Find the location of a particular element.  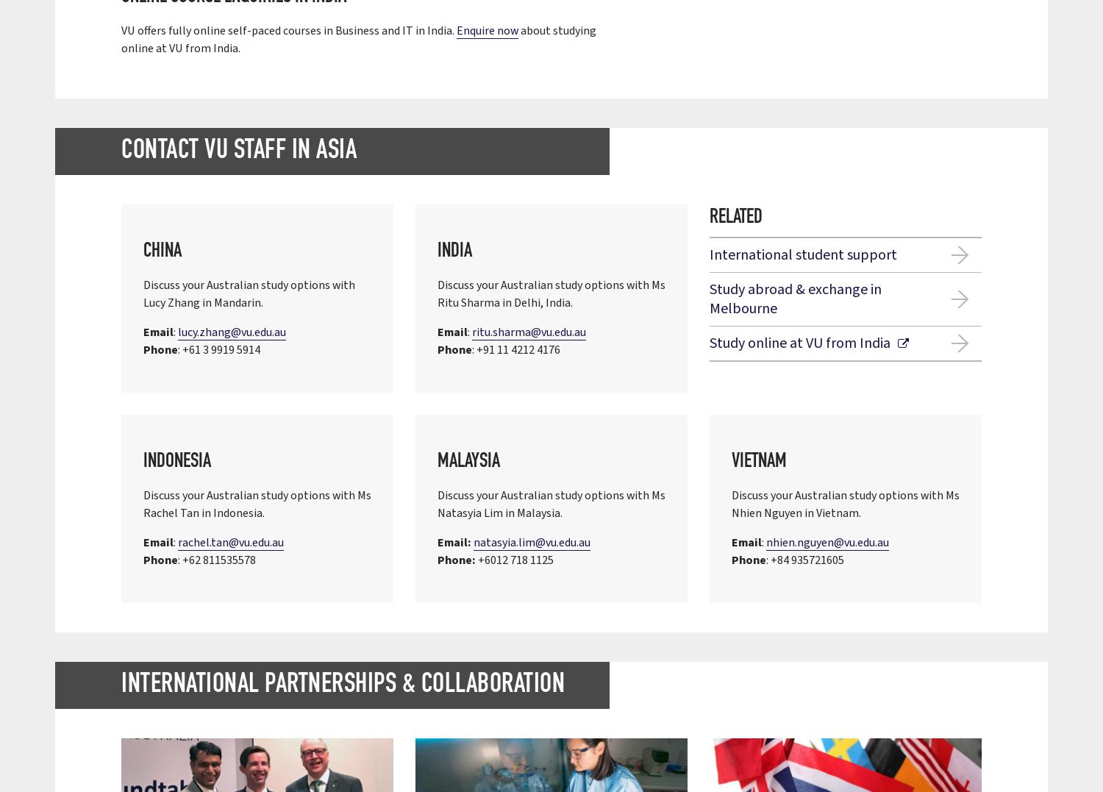

'Discuss your Australian study options with Ms Rachel Tan in Indonesia.' is located at coordinates (256, 504).